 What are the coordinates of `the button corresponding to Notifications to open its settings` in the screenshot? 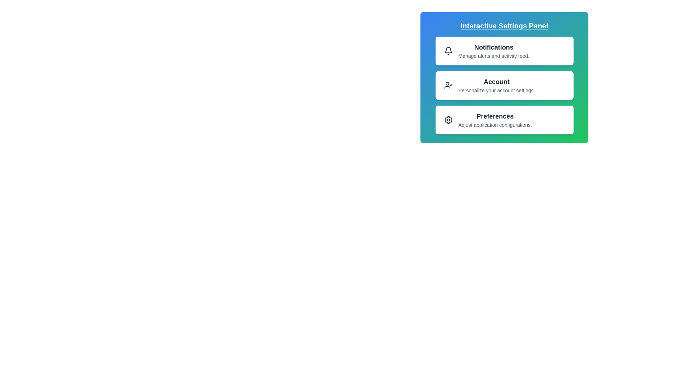 It's located at (504, 51).